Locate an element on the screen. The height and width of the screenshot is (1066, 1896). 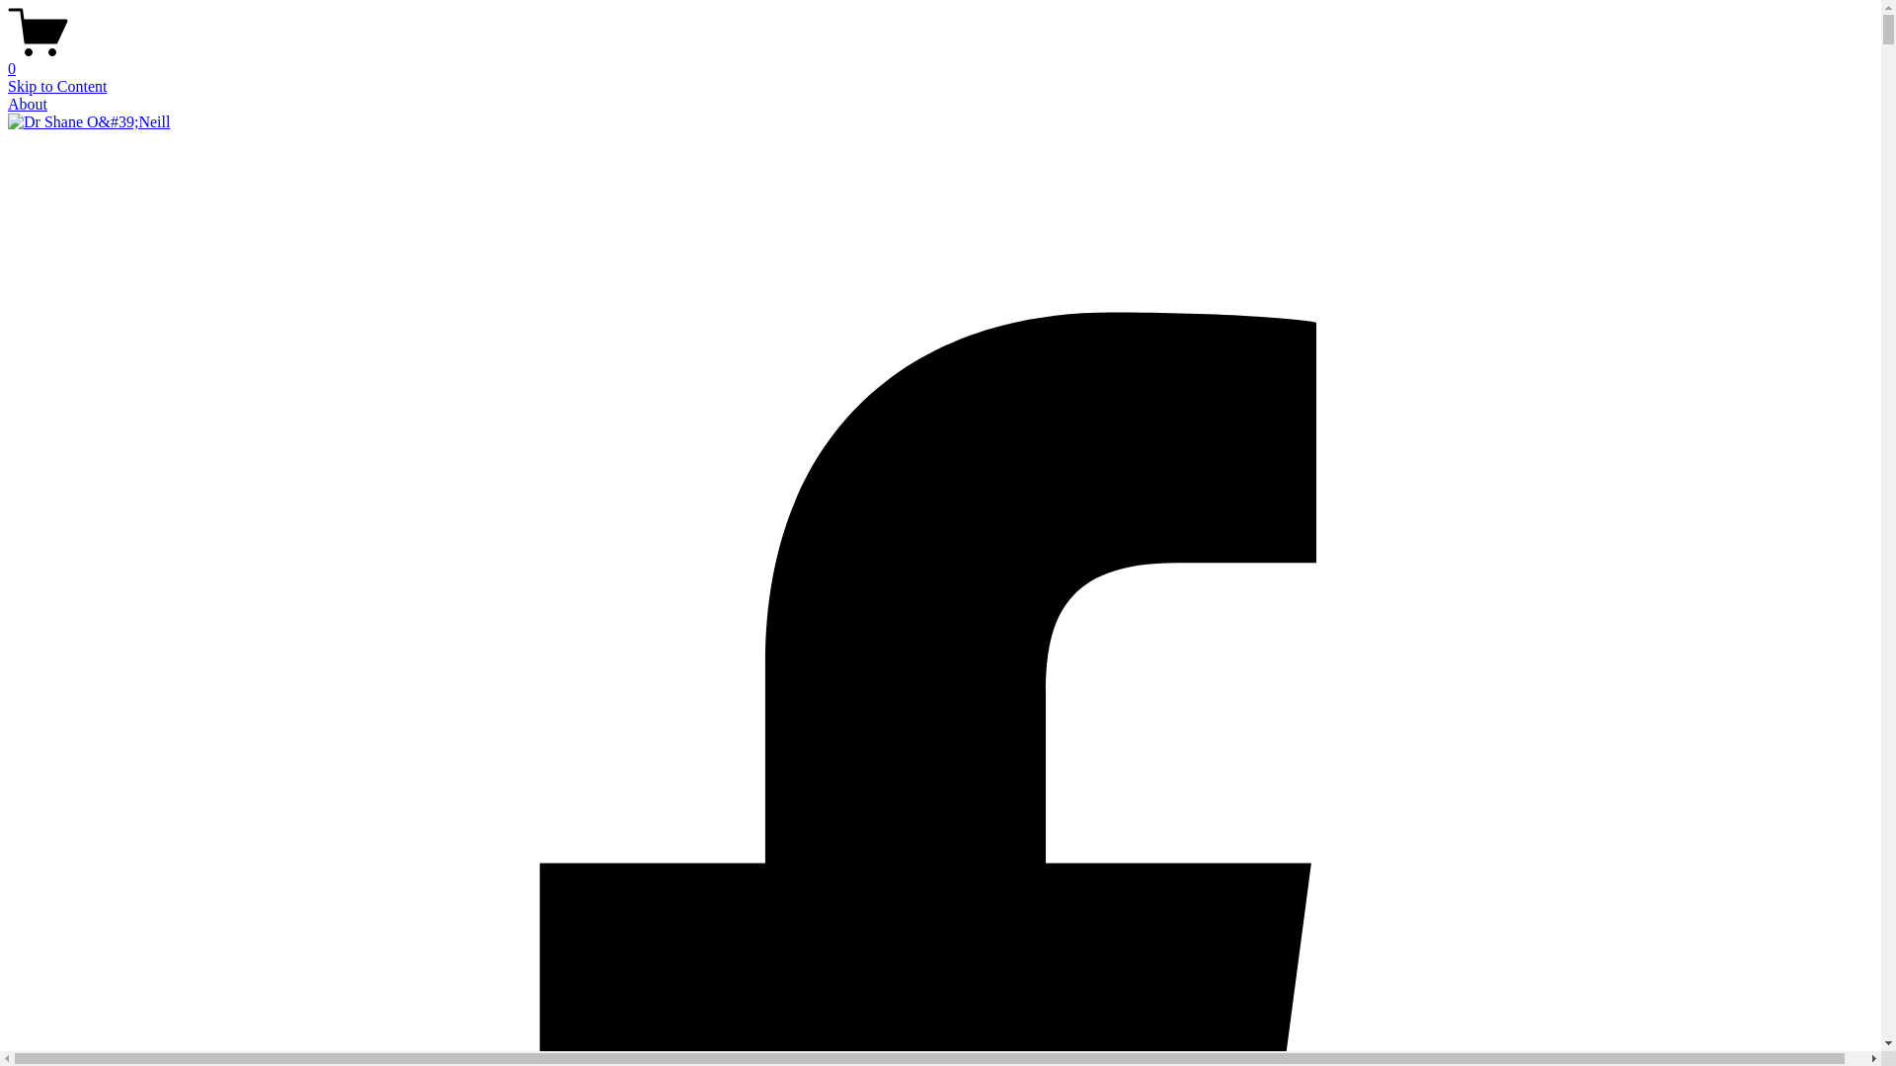
'Skip to Content' is located at coordinates (56, 85).